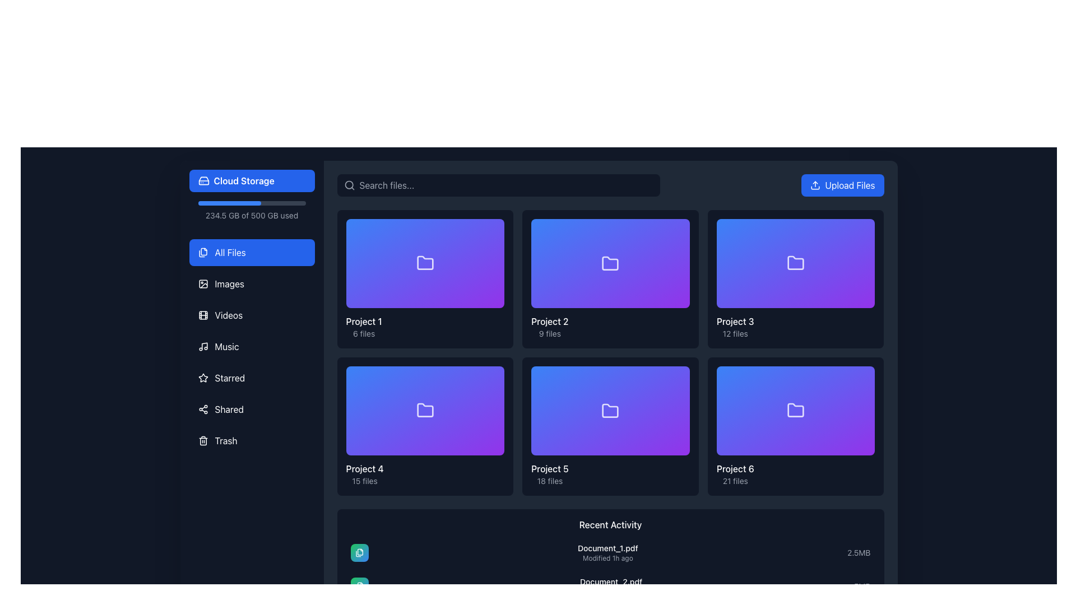 The height and width of the screenshot is (605, 1076). I want to click on the label element displaying 'Project 6' with the note '21 files', located in the second row and third column of the folder grid, so click(735, 474).